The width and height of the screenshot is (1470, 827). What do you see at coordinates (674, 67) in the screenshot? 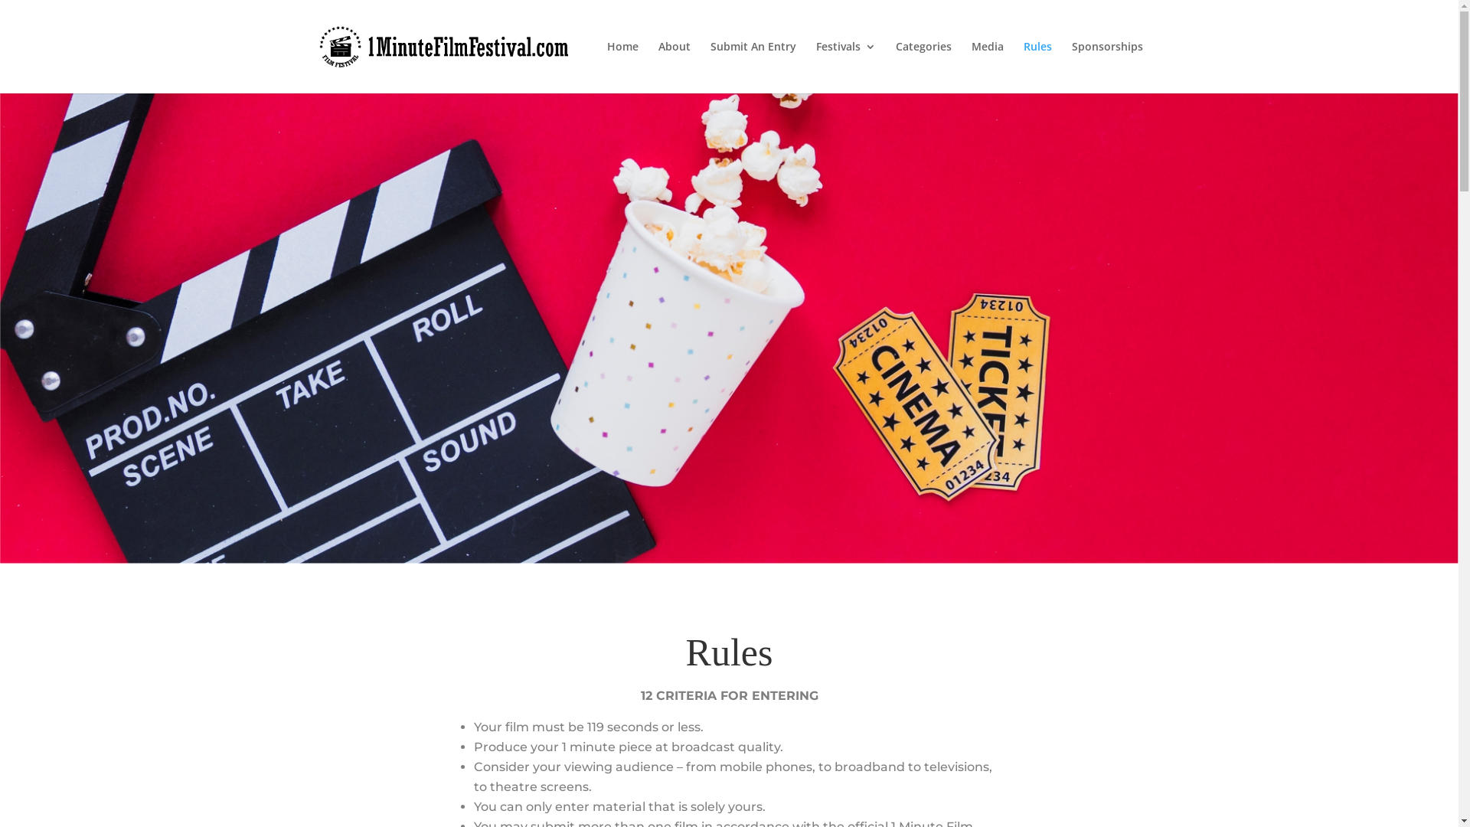
I see `'About'` at bounding box center [674, 67].